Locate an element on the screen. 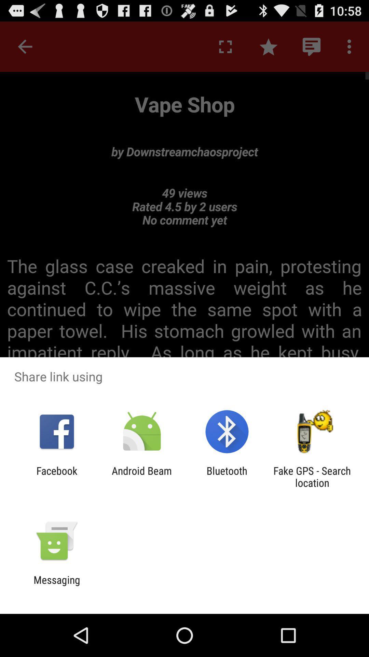 This screenshot has width=369, height=657. the android beam app is located at coordinates (141, 476).